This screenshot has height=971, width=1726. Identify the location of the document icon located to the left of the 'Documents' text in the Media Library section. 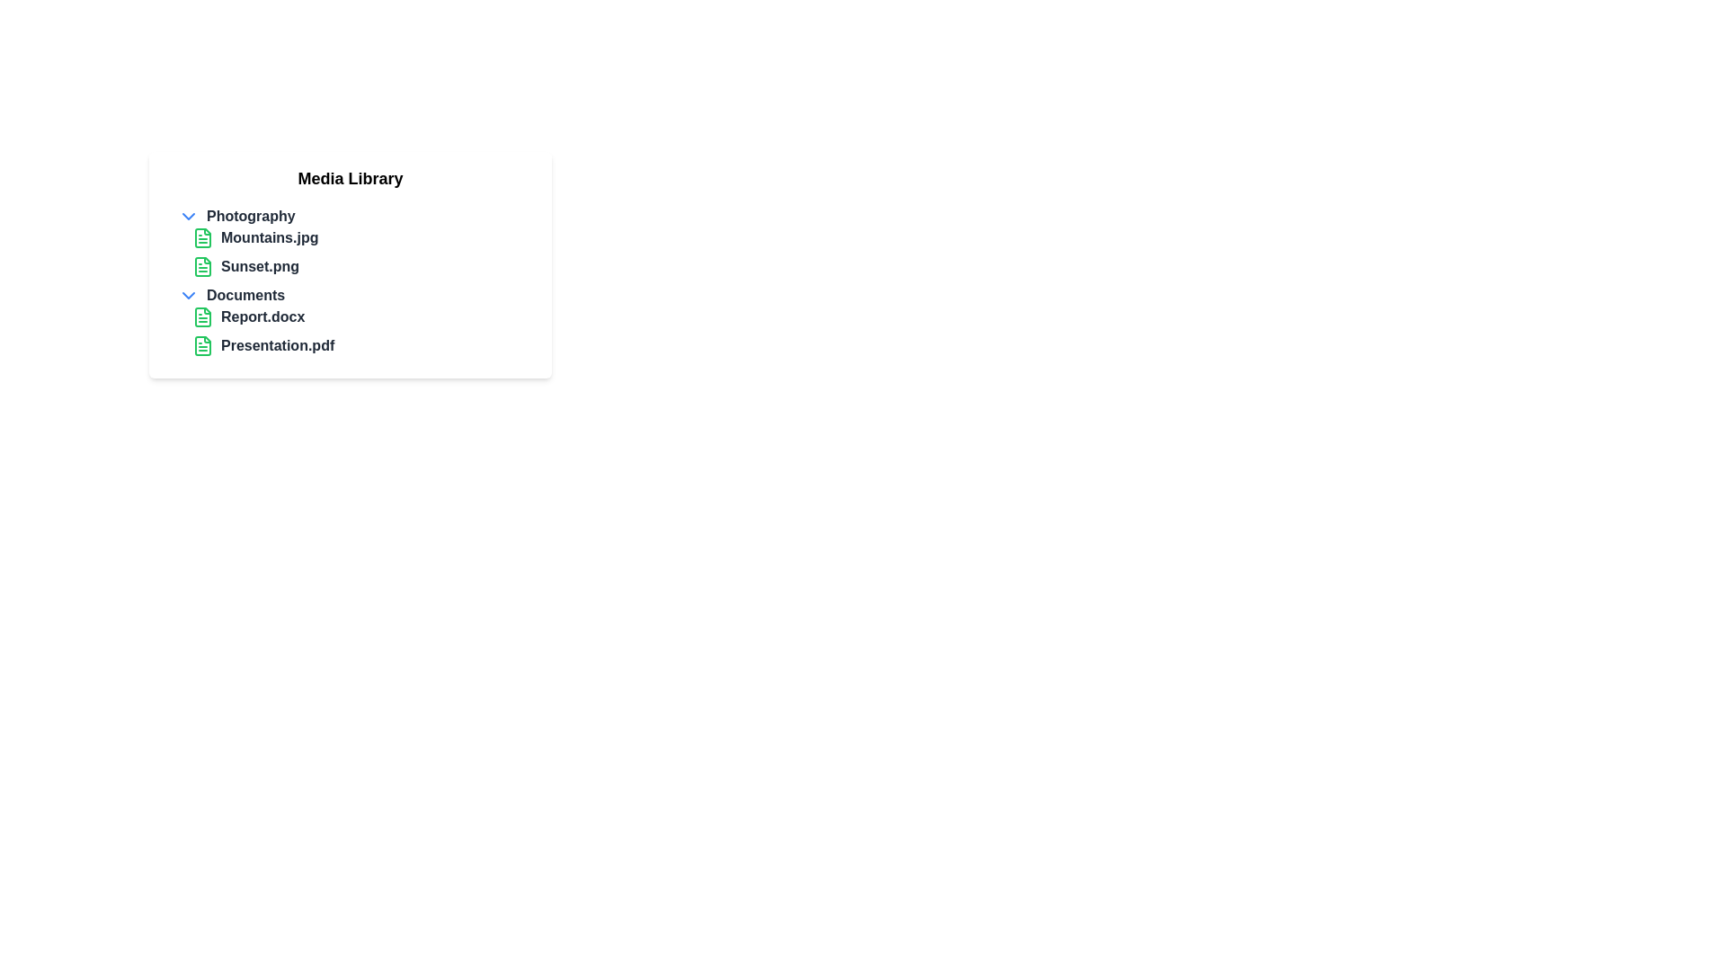
(202, 346).